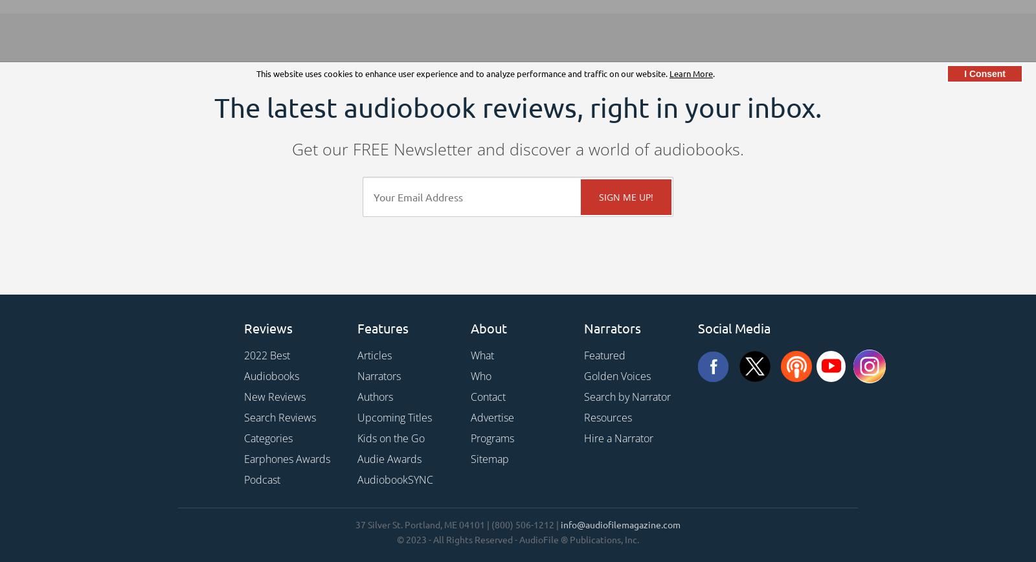 The image size is (1036, 562). What do you see at coordinates (374, 355) in the screenshot?
I see `'Articles'` at bounding box center [374, 355].